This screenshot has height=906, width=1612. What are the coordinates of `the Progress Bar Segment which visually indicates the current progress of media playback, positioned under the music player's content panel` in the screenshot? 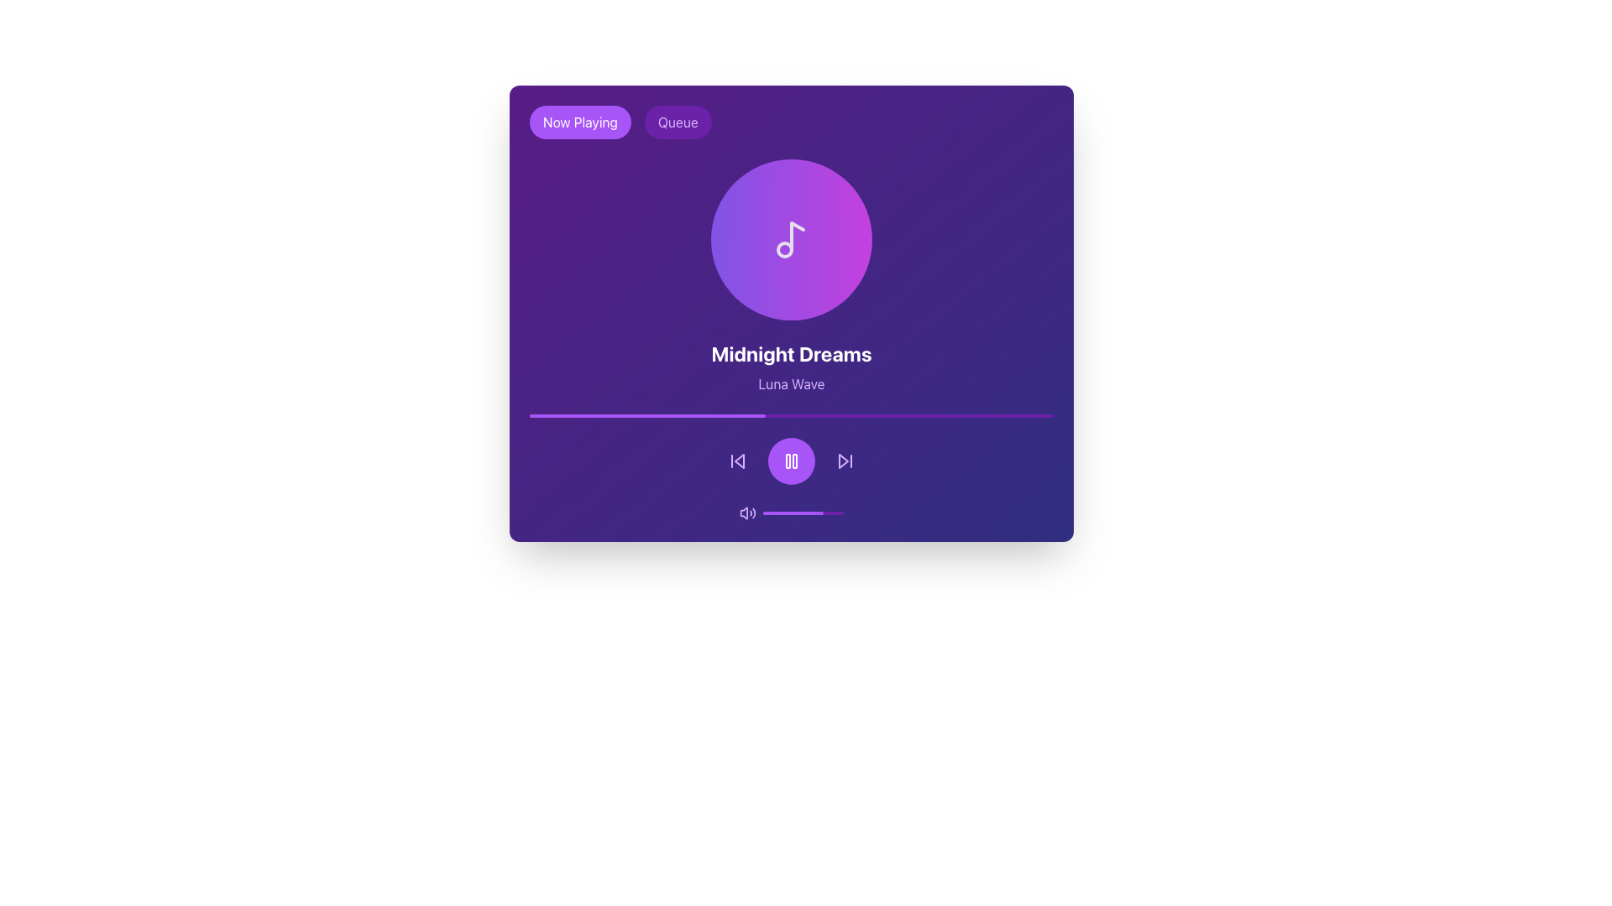 It's located at (646, 415).